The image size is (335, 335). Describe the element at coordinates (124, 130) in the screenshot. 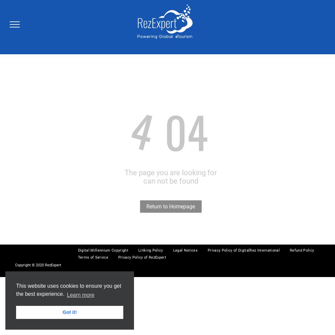

I see `'4'` at that location.